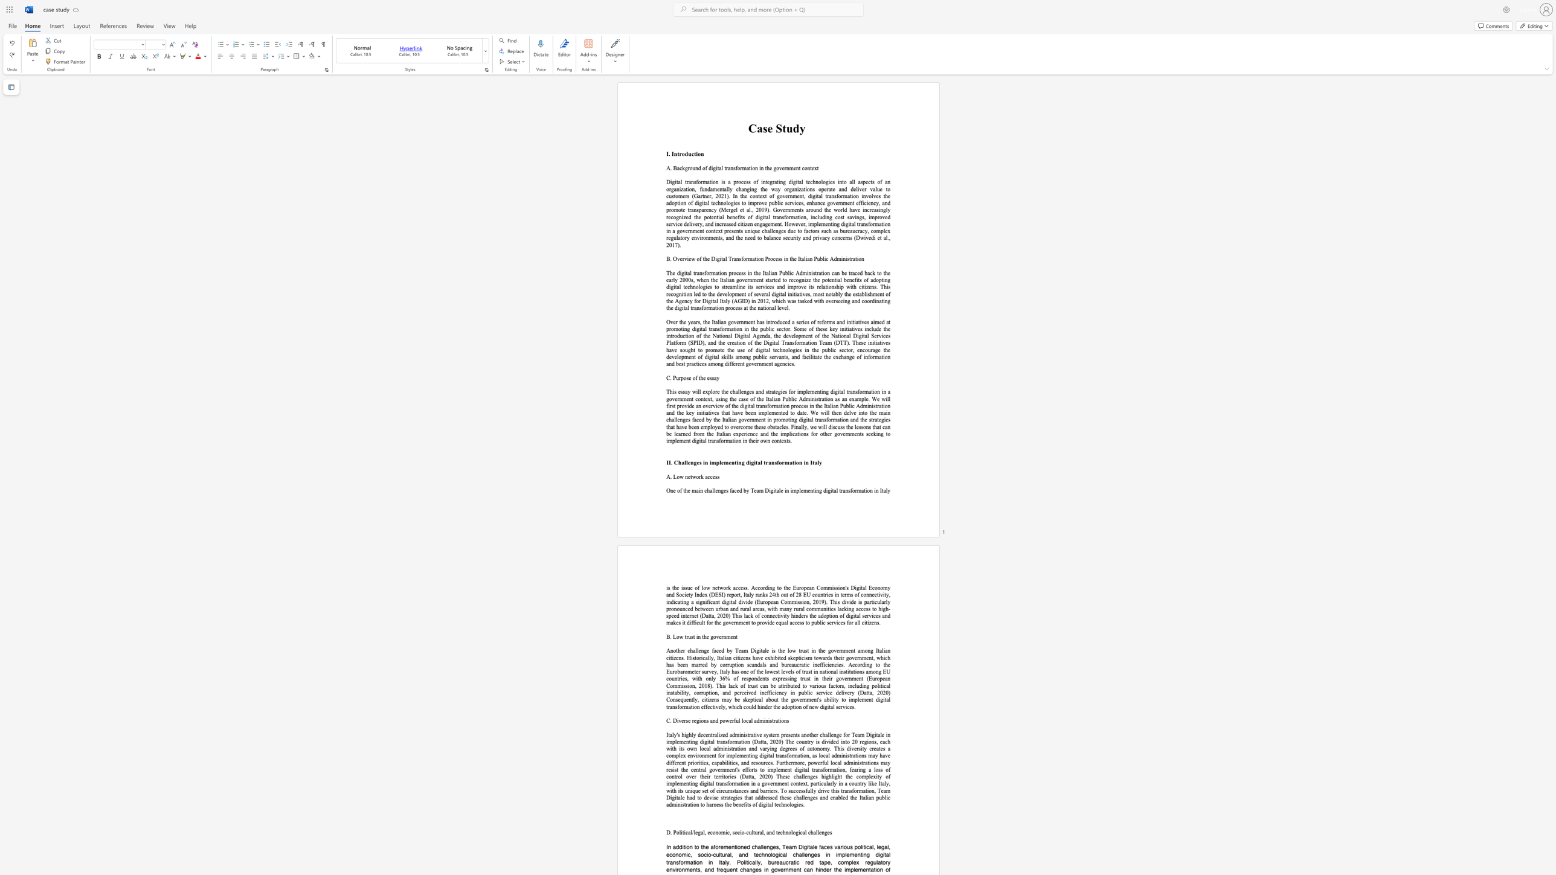 The height and width of the screenshot is (875, 1556). What do you see at coordinates (695, 154) in the screenshot?
I see `the subset text "io" within the text "I. Introduction"` at bounding box center [695, 154].